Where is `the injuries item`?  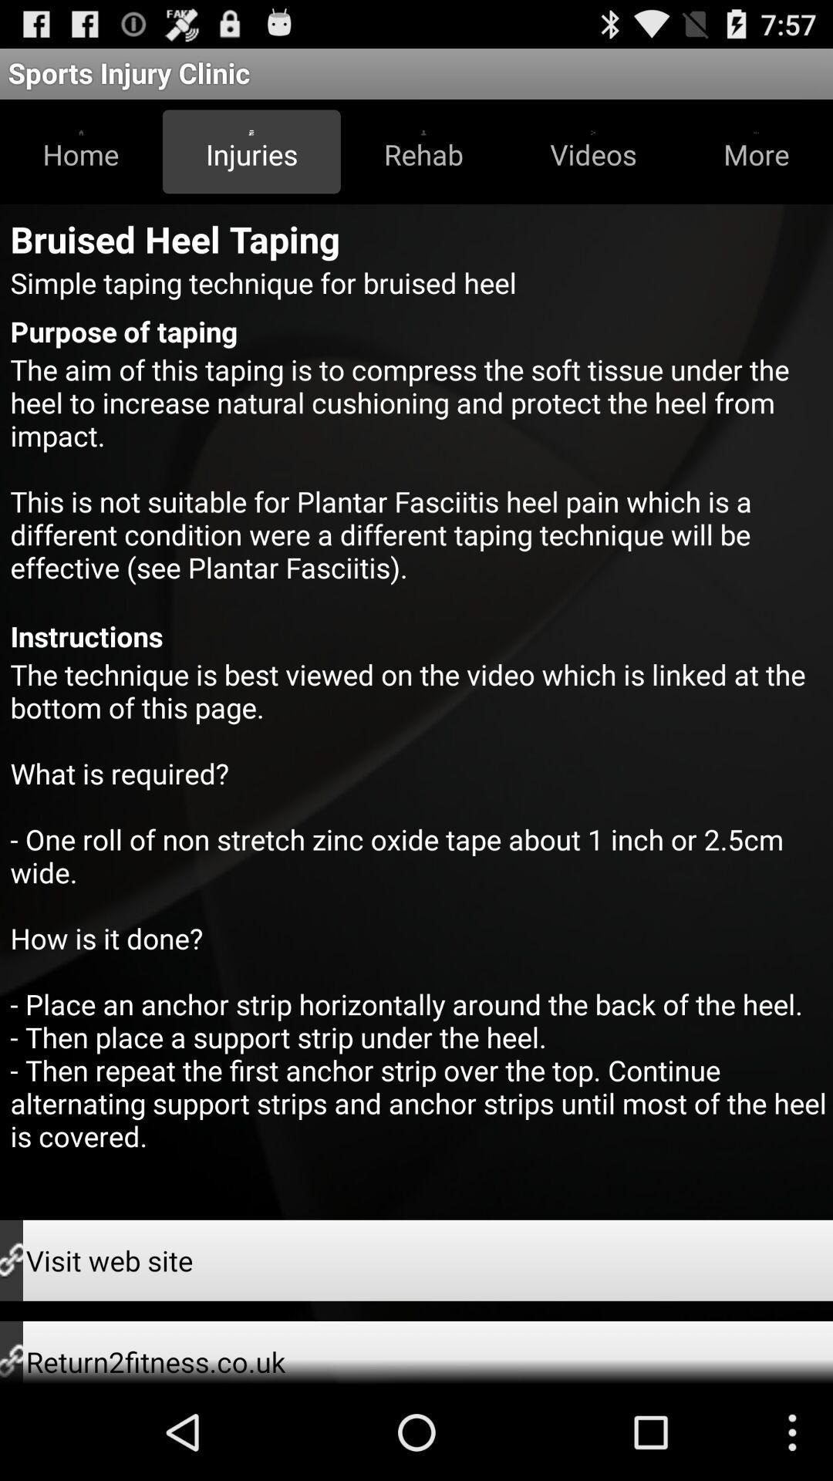 the injuries item is located at coordinates (251, 151).